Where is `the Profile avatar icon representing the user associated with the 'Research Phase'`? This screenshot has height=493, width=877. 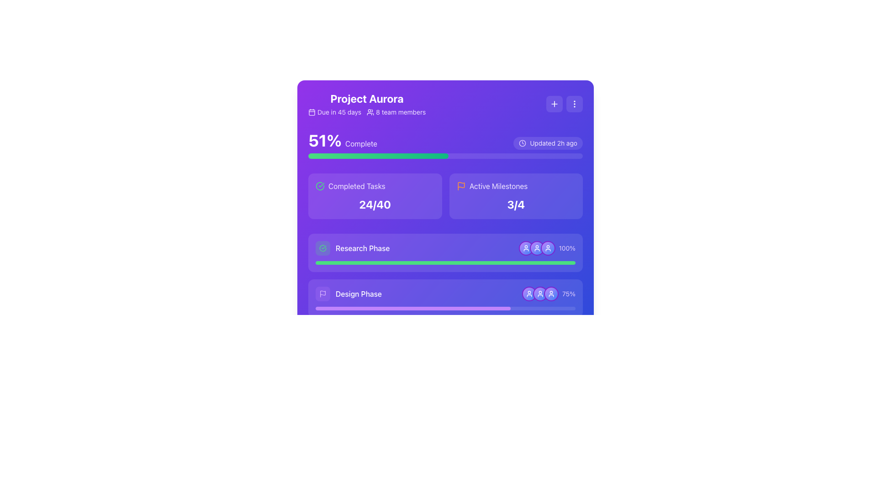
the Profile avatar icon representing the user associated with the 'Research Phase' is located at coordinates (526, 248).